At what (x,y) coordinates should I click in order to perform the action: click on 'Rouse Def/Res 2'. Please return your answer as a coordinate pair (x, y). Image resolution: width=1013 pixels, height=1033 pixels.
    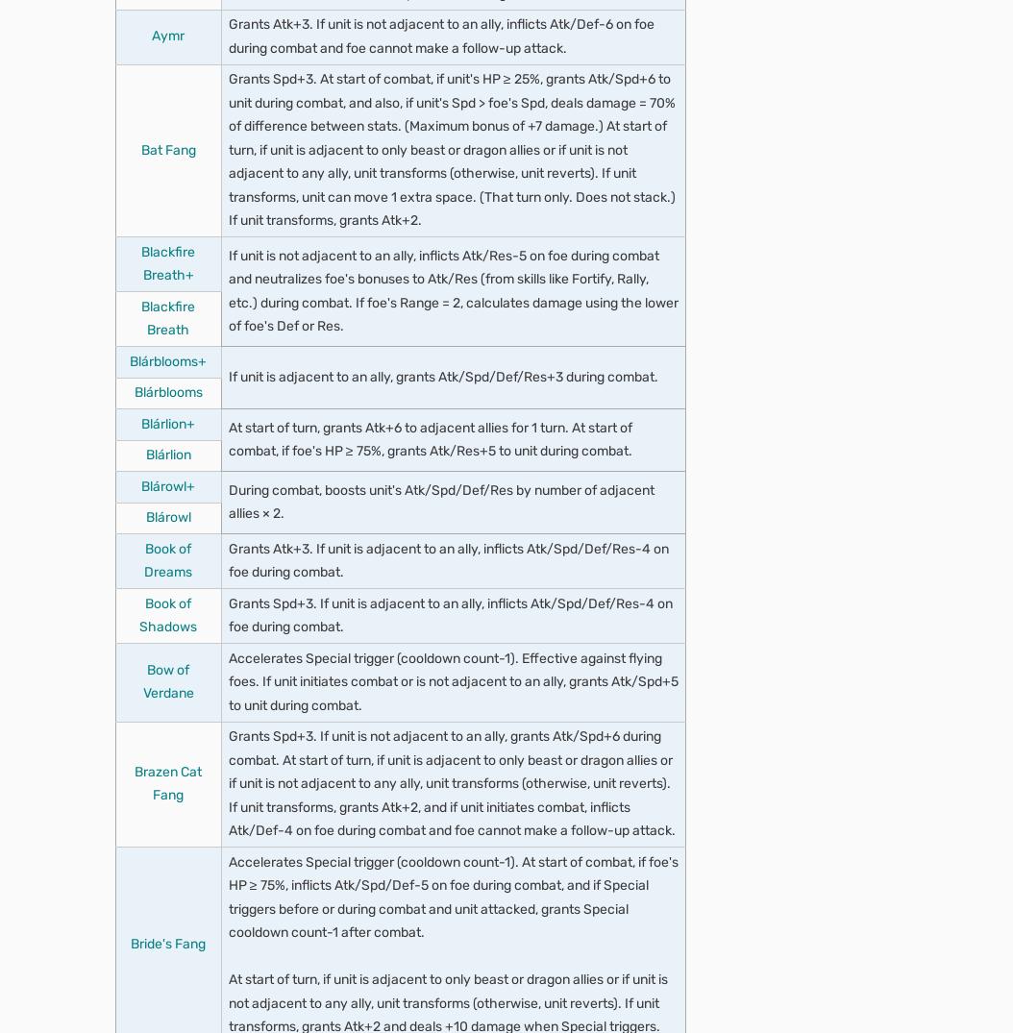
    Looking at the image, I should click on (200, 762).